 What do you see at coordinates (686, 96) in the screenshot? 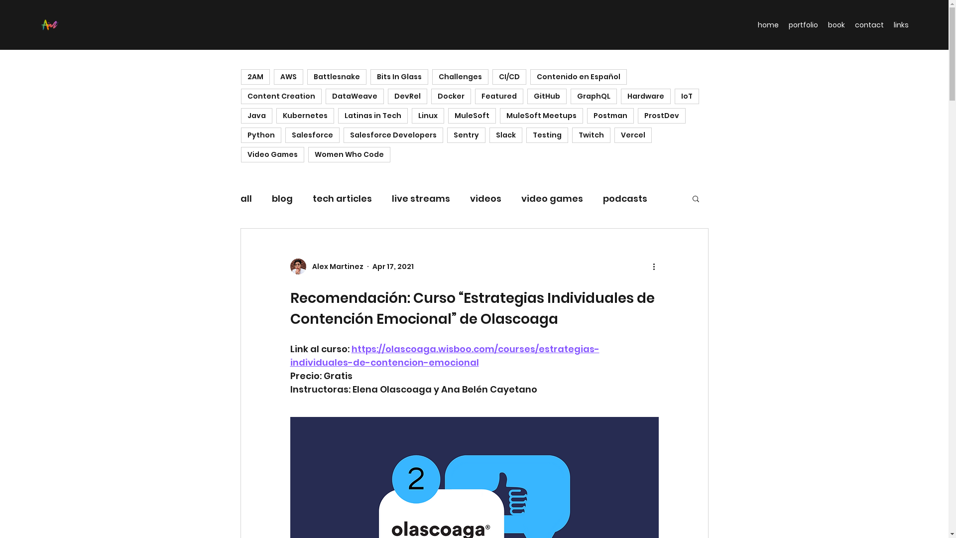
I see `'IoT'` at bounding box center [686, 96].